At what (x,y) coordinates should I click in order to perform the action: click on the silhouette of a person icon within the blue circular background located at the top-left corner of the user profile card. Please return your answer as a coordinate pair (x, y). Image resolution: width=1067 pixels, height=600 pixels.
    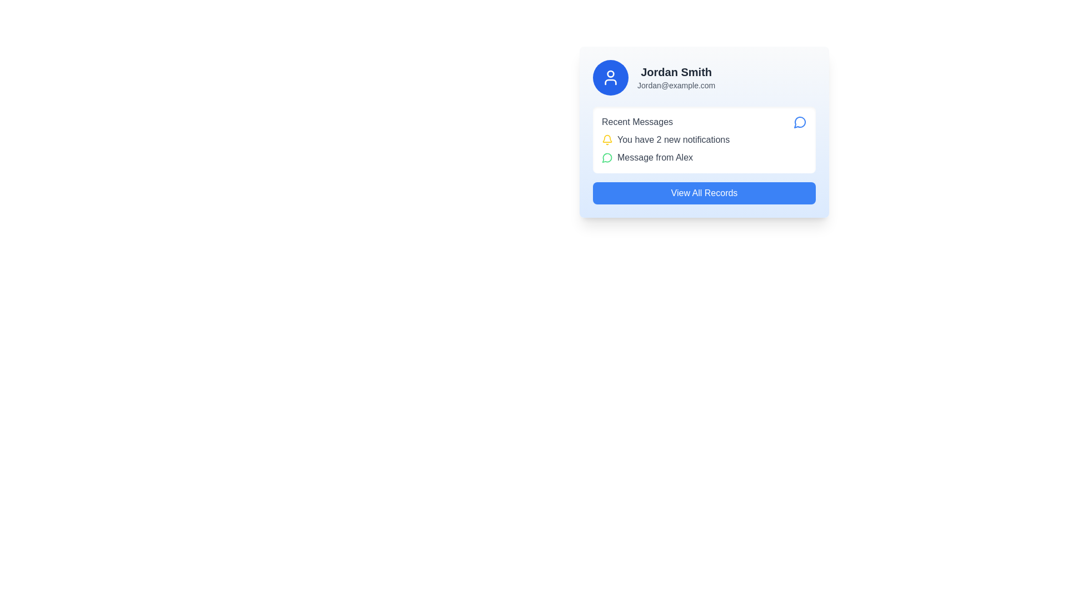
    Looking at the image, I should click on (610, 81).